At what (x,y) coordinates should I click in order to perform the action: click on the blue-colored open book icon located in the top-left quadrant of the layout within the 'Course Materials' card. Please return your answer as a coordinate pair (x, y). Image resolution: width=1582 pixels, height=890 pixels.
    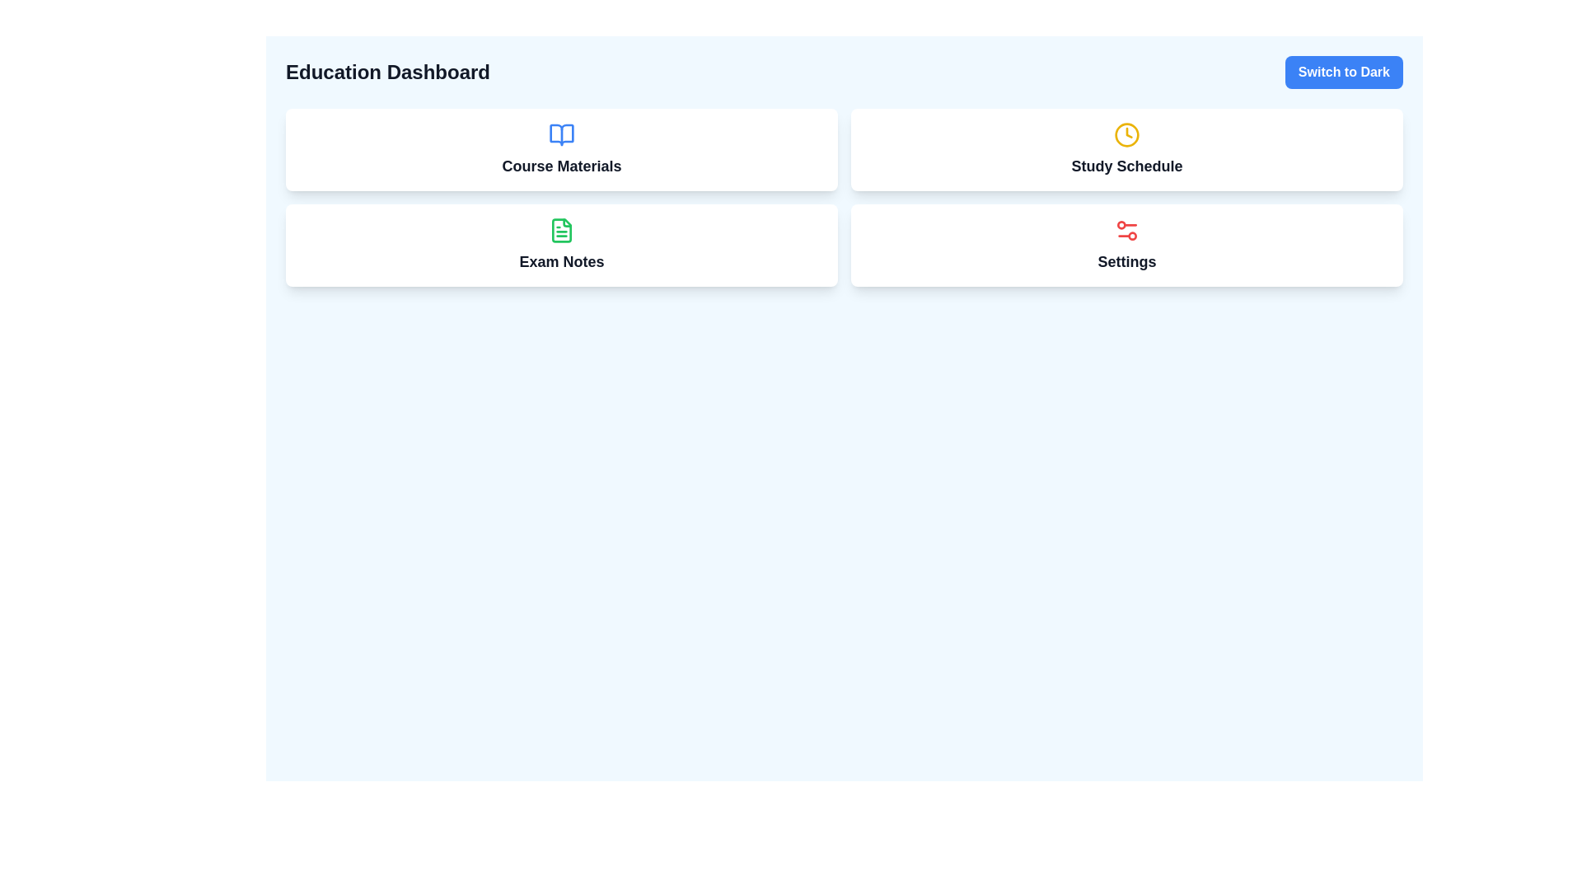
    Looking at the image, I should click on (561, 134).